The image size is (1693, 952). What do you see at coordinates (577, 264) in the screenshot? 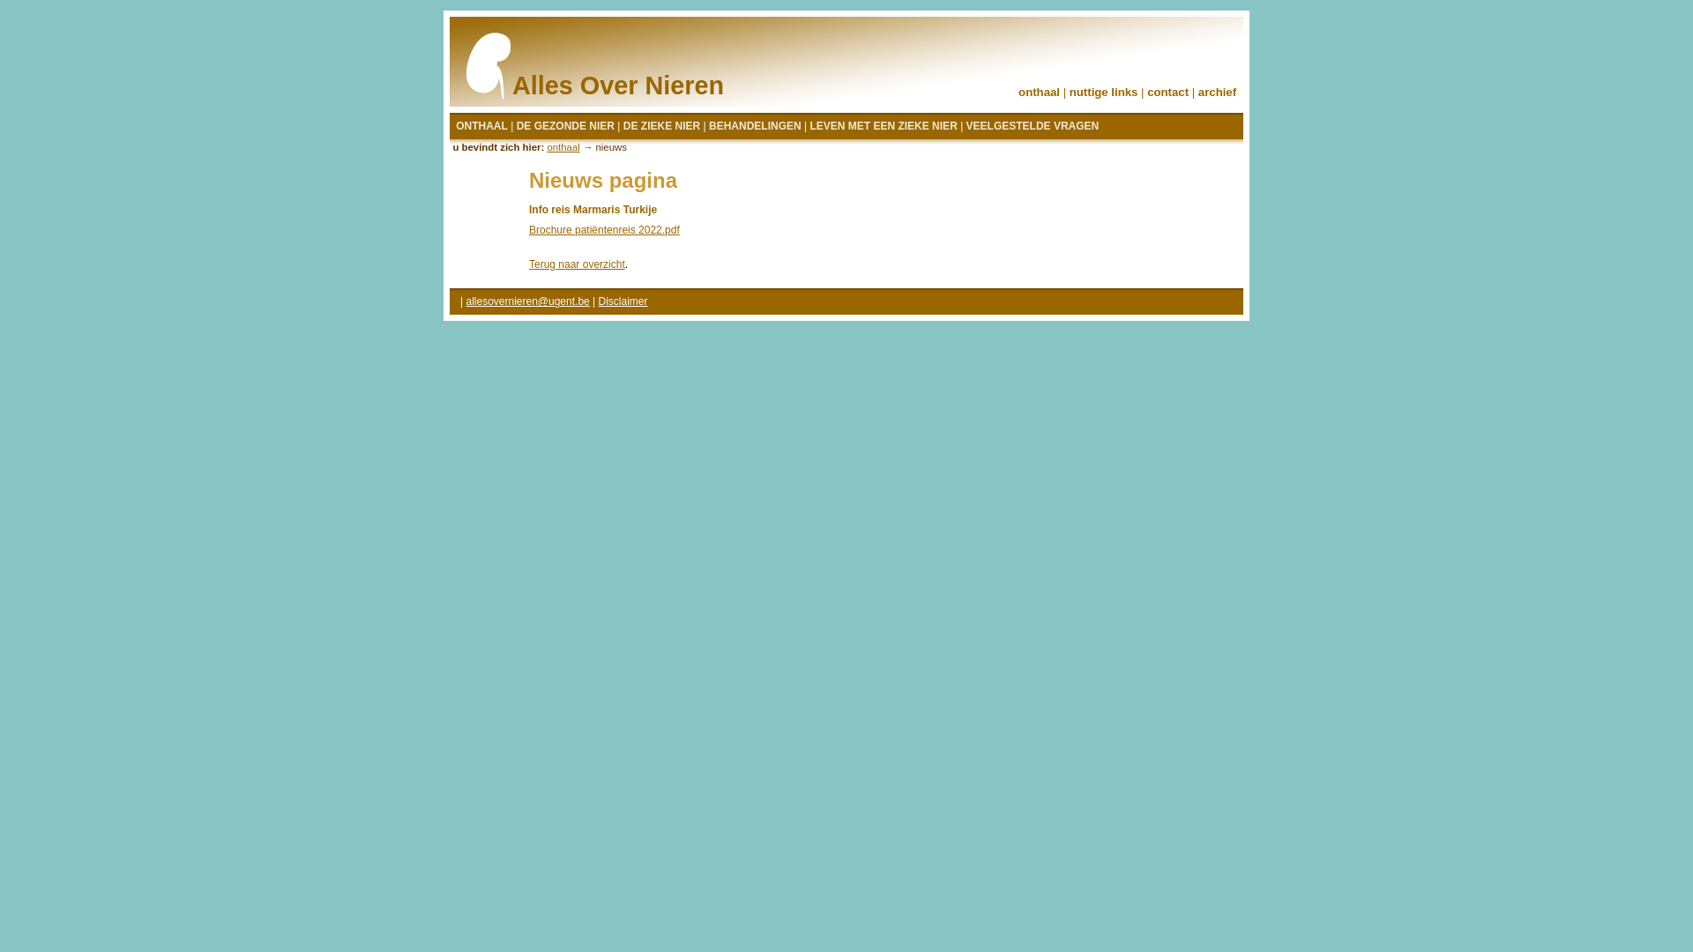
I see `'Terug naar overzicht'` at bounding box center [577, 264].